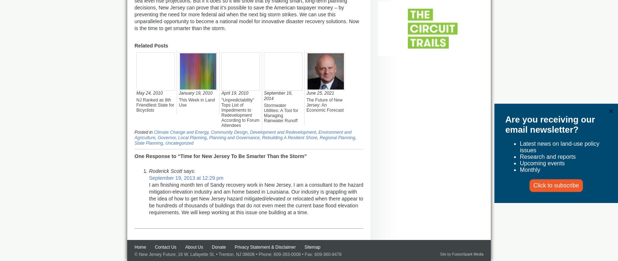 The image size is (618, 261). Describe the element at coordinates (325, 105) in the screenshot. I see `'The Future of New Jersey: An Economic Forecast'` at that location.